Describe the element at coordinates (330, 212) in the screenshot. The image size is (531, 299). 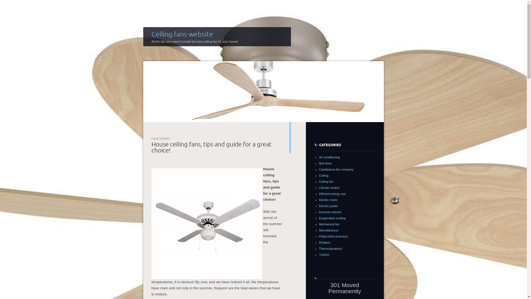
I see `'Emerson electric'` at that location.